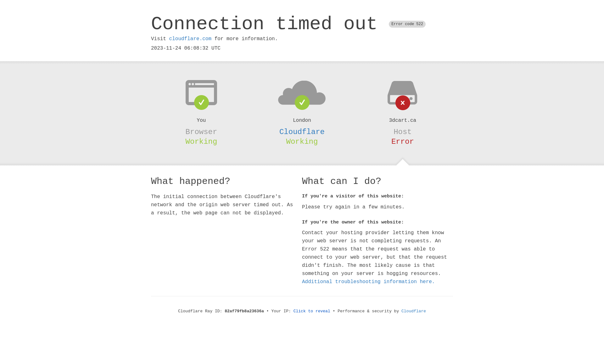 This screenshot has height=339, width=604. I want to click on 'Cloudflare', so click(302, 132).